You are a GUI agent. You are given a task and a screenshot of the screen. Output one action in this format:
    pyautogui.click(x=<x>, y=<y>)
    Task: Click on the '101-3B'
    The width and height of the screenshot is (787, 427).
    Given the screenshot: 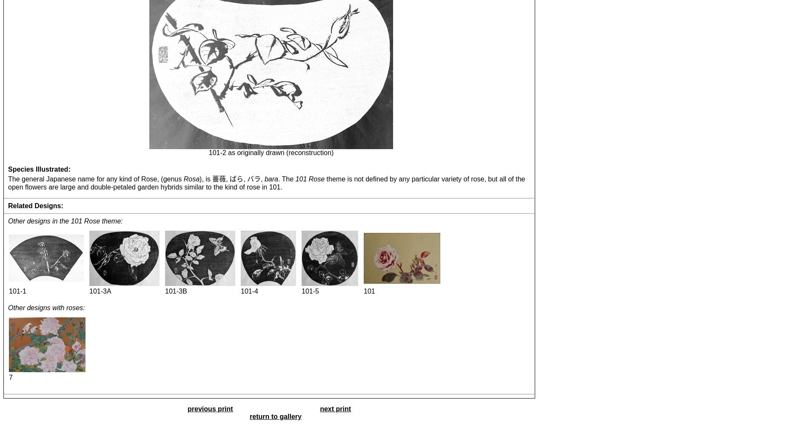 What is the action you would take?
    pyautogui.click(x=175, y=291)
    